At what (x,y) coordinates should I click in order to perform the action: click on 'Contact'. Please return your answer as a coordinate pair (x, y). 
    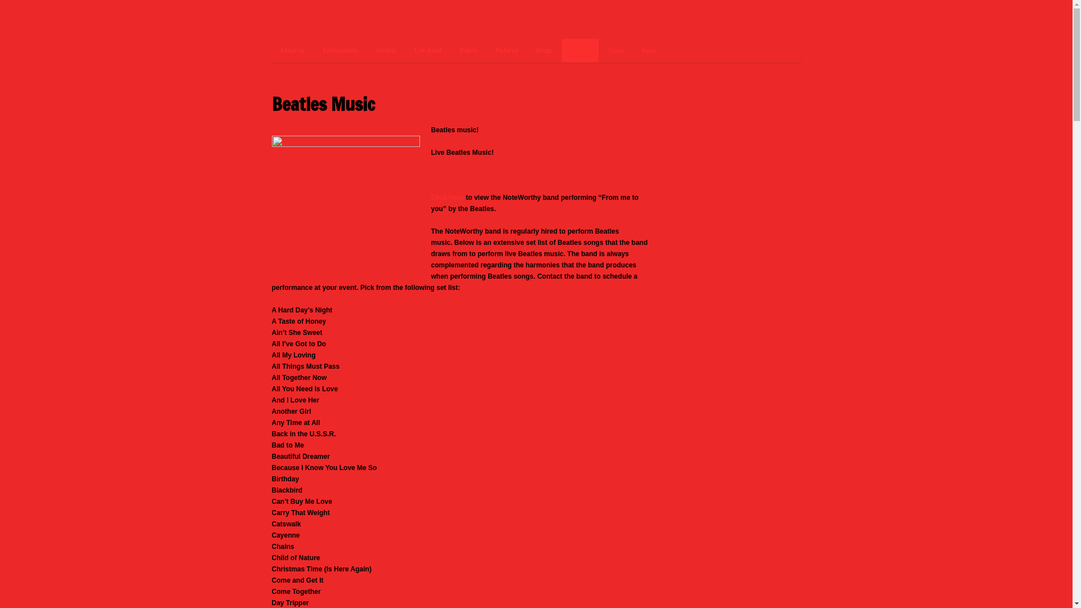
    Looking at the image, I should click on (386, 50).